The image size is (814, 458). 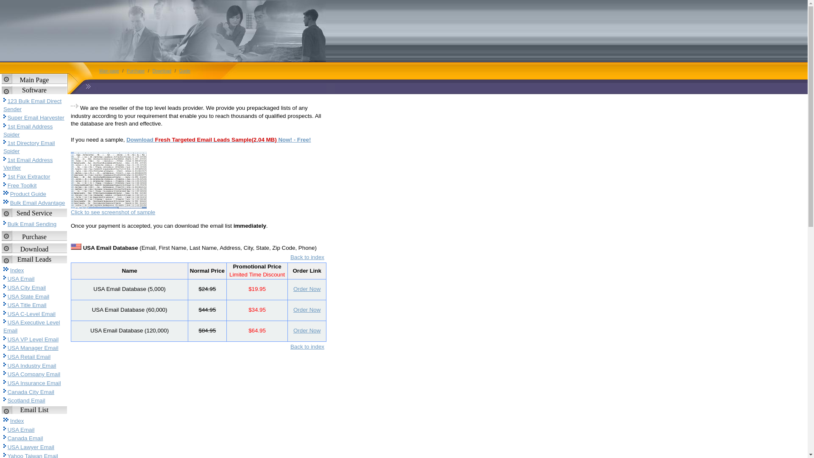 I want to click on 'Guide', so click(x=184, y=70).